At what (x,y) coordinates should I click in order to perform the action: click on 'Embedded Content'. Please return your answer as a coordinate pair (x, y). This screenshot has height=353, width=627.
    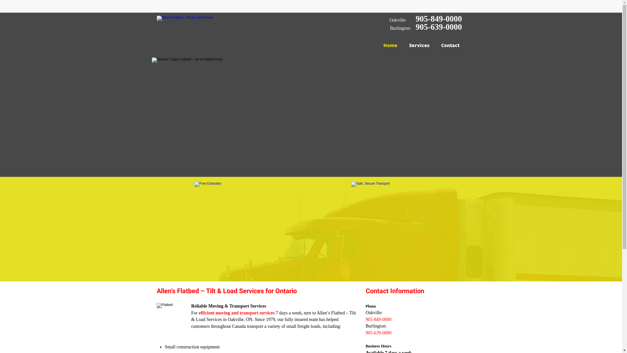
    Looking at the image, I should click on (402, 6).